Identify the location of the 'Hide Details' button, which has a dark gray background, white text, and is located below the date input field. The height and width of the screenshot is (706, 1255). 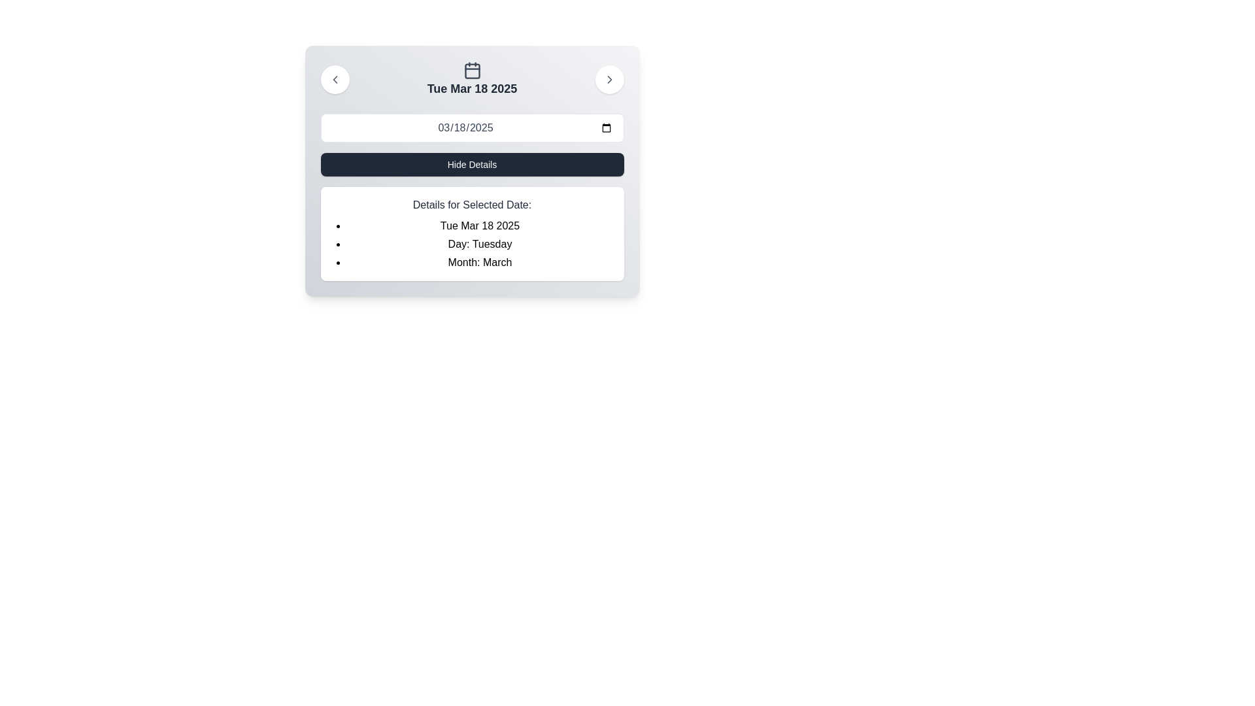
(471, 163).